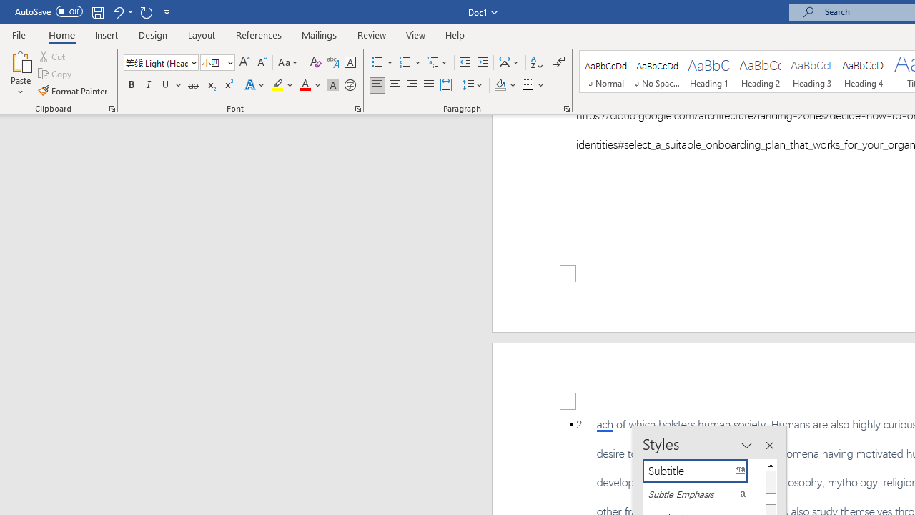  I want to click on 'Insert', so click(106, 34).